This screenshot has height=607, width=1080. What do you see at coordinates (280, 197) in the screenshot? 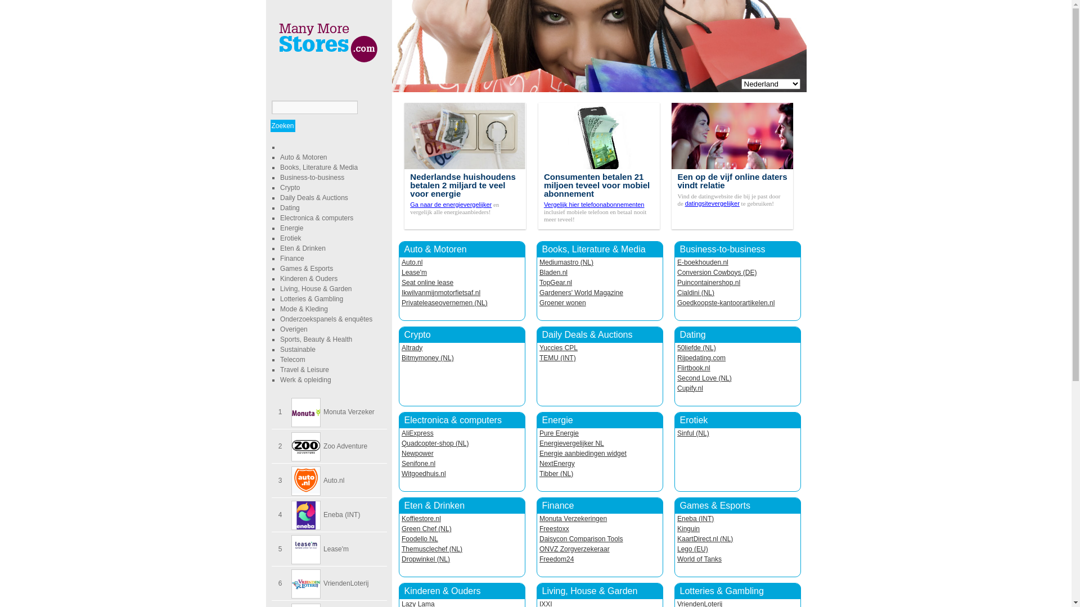
I see `'Daily Deals & Auctions'` at bounding box center [280, 197].